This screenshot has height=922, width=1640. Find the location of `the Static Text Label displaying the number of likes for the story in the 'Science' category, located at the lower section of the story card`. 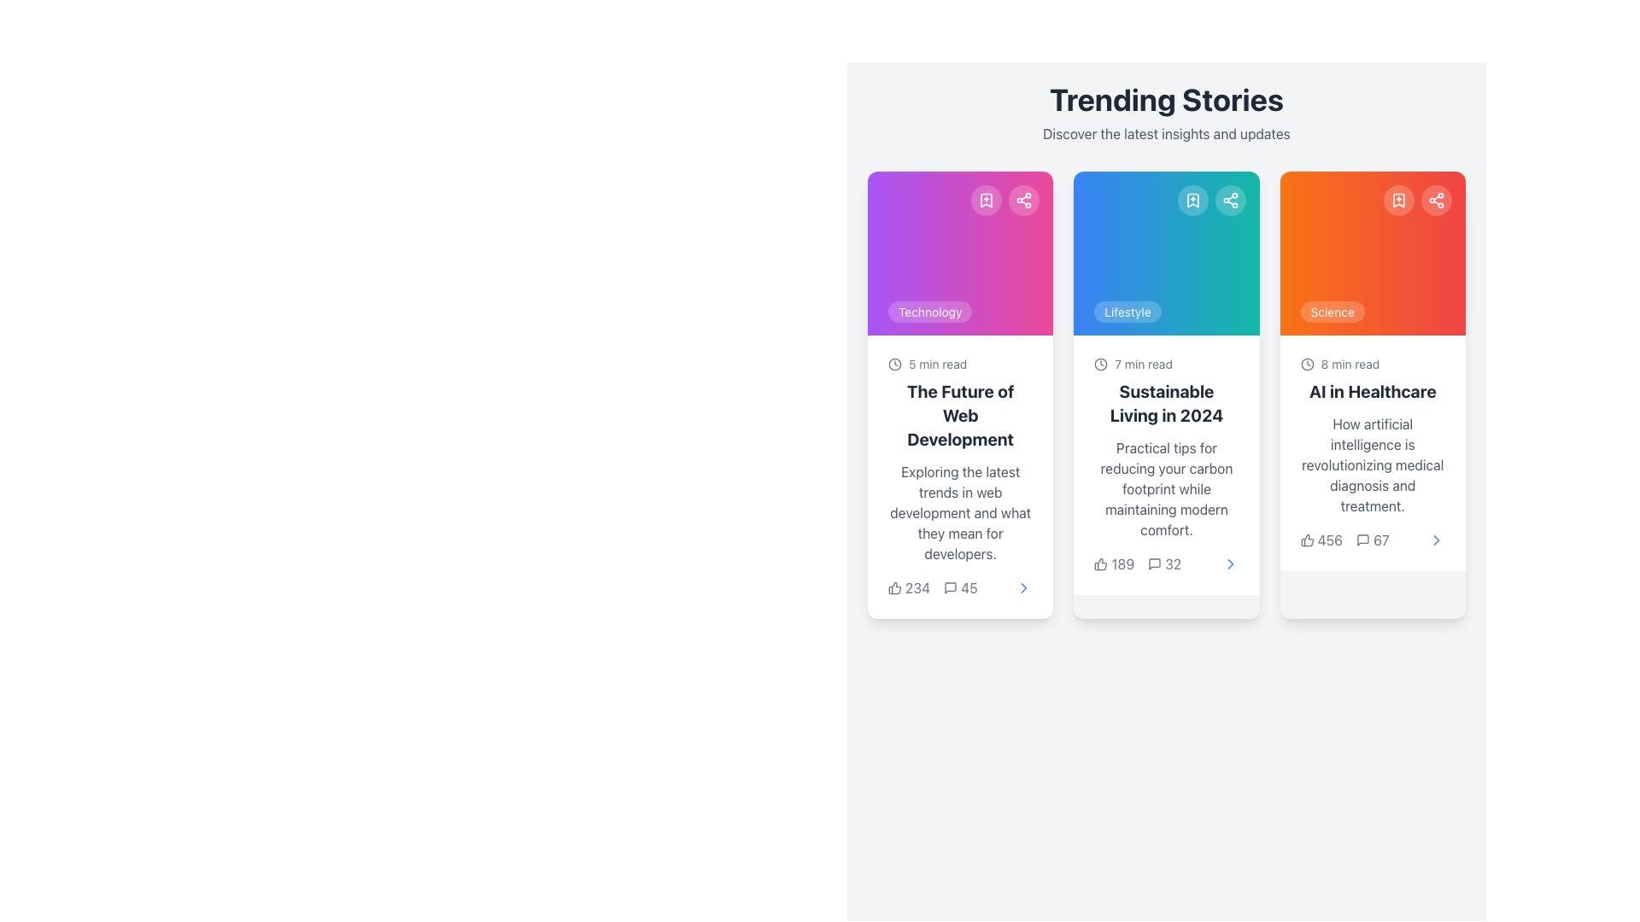

the Static Text Label displaying the number of likes for the story in the 'Science' category, located at the lower section of the story card is located at coordinates (1321, 540).